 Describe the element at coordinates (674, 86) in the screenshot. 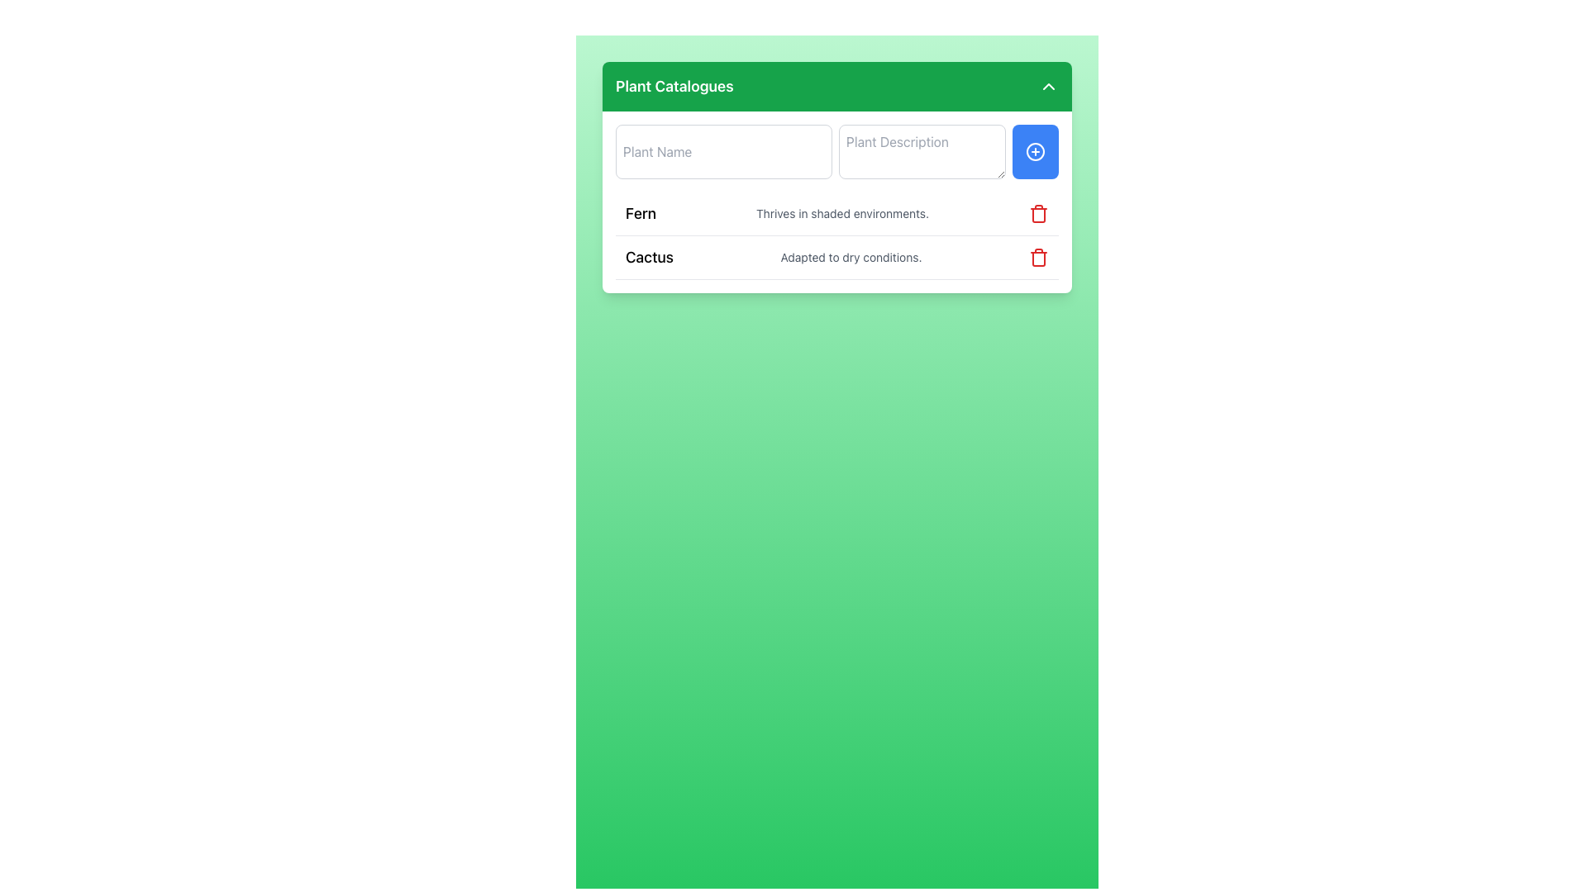

I see `the 'Plant Catalogues' text label, which is displayed in a large, bold white font against a green background, located in the top-left portion of the green header section` at that location.